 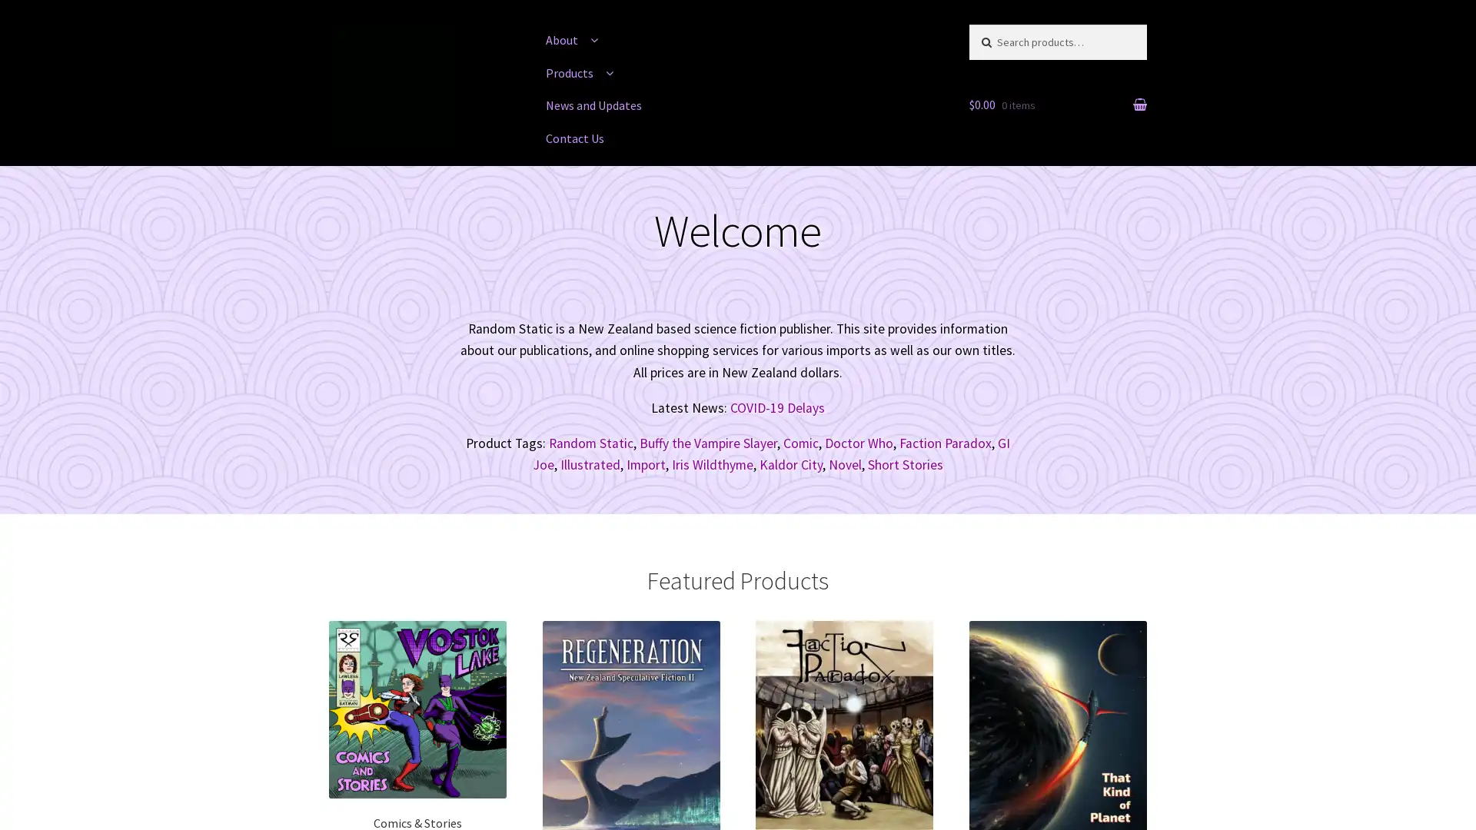 I want to click on Search, so click(x=1000, y=38).